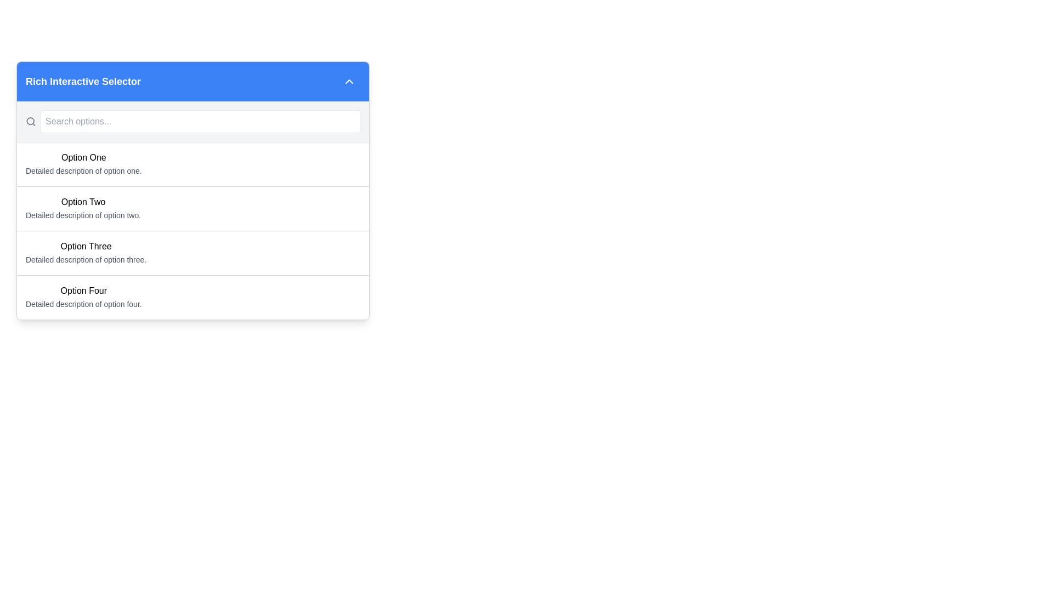 The width and height of the screenshot is (1053, 592). I want to click on the second selectable list item located between 'Option One' and 'Option Three', so click(193, 208).